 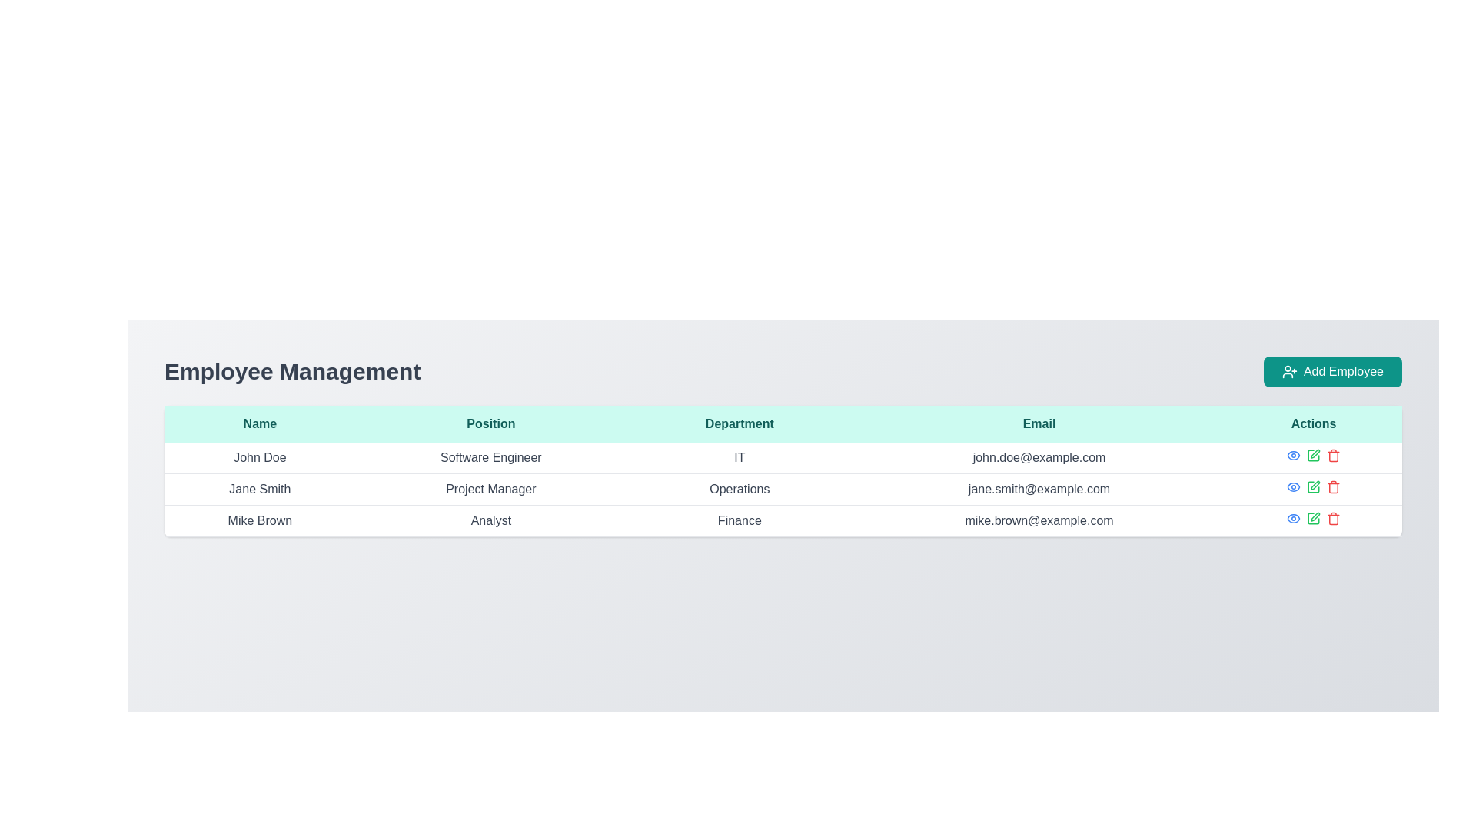 I want to click on the 'edit' icon in the 'Actions' column for the row associated with 'Mike Brown.', so click(x=1313, y=519).